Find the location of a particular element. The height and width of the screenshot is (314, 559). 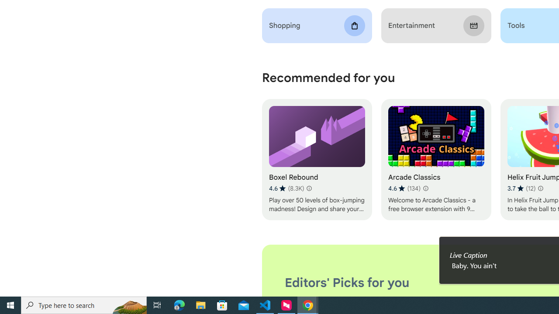

'Boxel Rebound' is located at coordinates (316, 160).